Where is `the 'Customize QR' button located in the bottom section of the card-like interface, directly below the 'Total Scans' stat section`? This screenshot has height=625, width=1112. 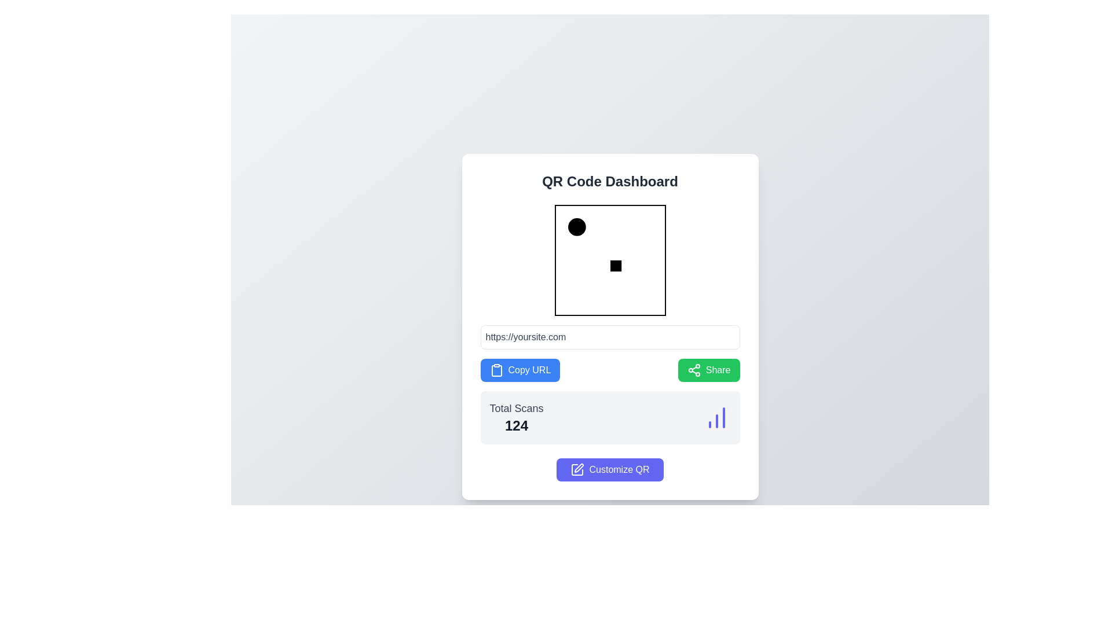 the 'Customize QR' button located in the bottom section of the card-like interface, directly below the 'Total Scans' stat section is located at coordinates (609, 470).